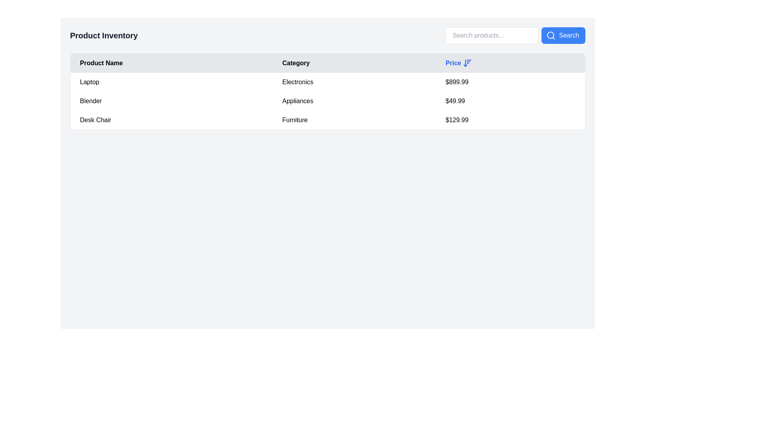 Image resolution: width=760 pixels, height=427 pixels. I want to click on static text label indicating price values in the table header, which is positioned above the column containing monetary values, so click(453, 62).